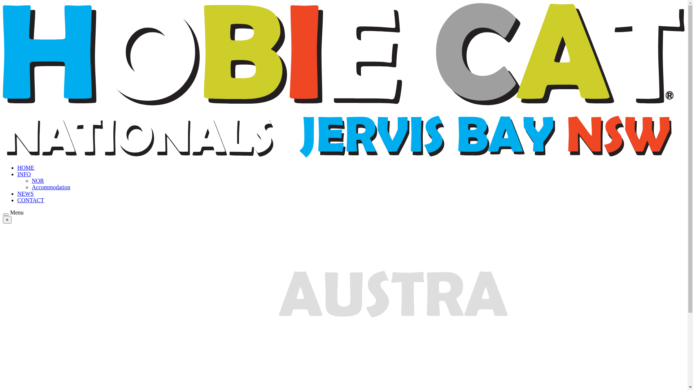 Image resolution: width=693 pixels, height=390 pixels. What do you see at coordinates (38, 180) in the screenshot?
I see `'NOR'` at bounding box center [38, 180].